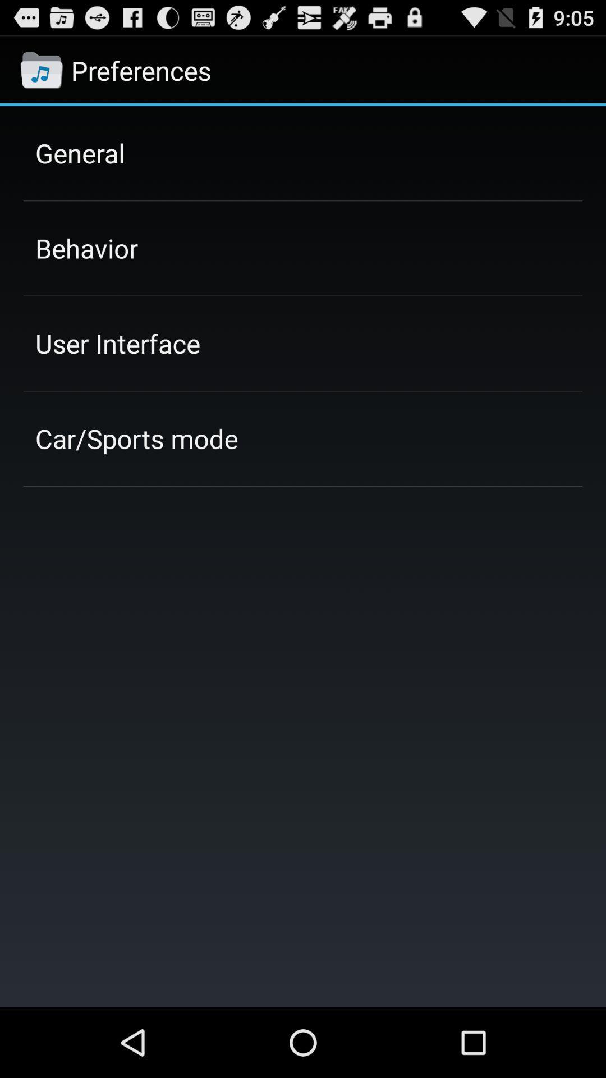 Image resolution: width=606 pixels, height=1078 pixels. What do you see at coordinates (117, 342) in the screenshot?
I see `user interface` at bounding box center [117, 342].